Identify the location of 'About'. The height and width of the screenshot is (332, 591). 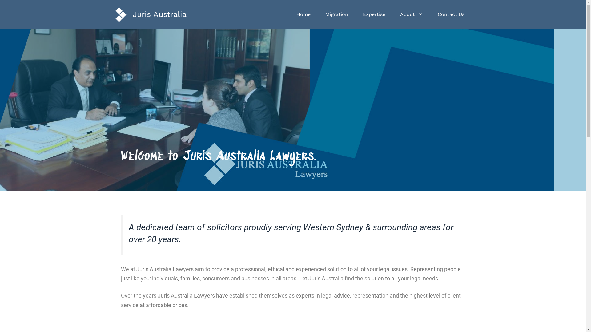
(412, 14).